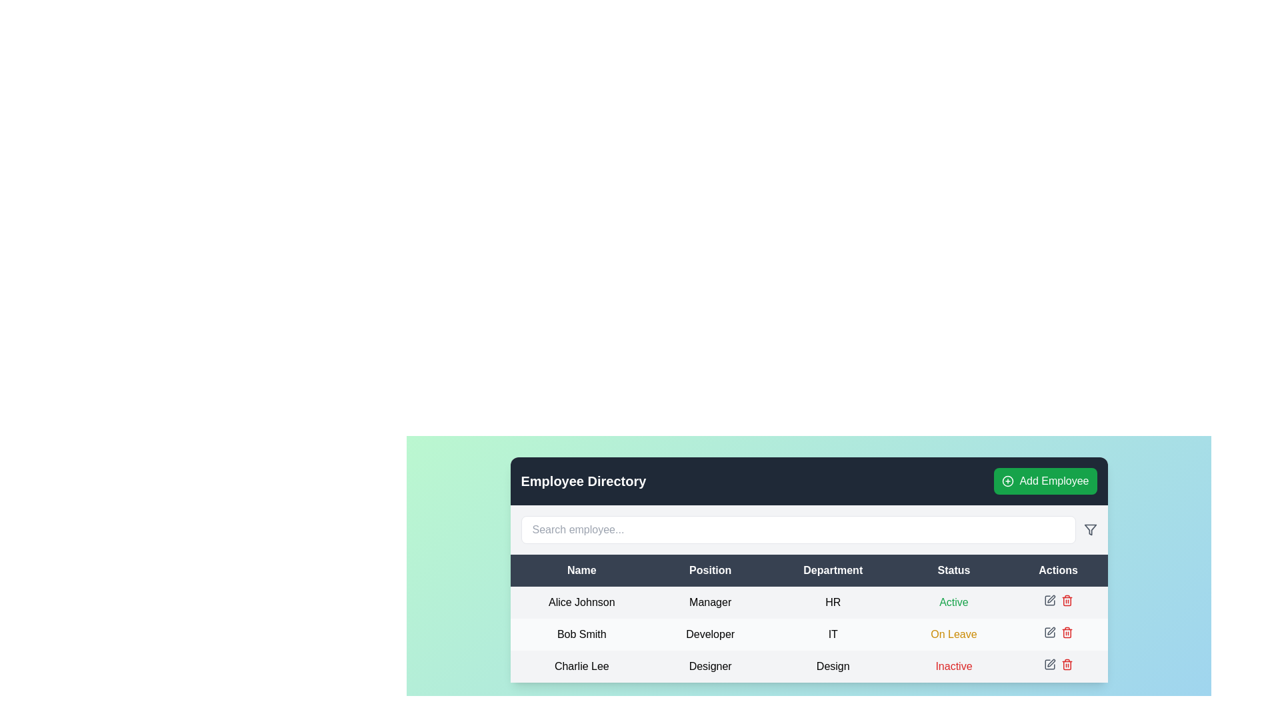 The image size is (1280, 720). What do you see at coordinates (709, 570) in the screenshot?
I see `the text label displaying 'Position' in the second column header` at bounding box center [709, 570].